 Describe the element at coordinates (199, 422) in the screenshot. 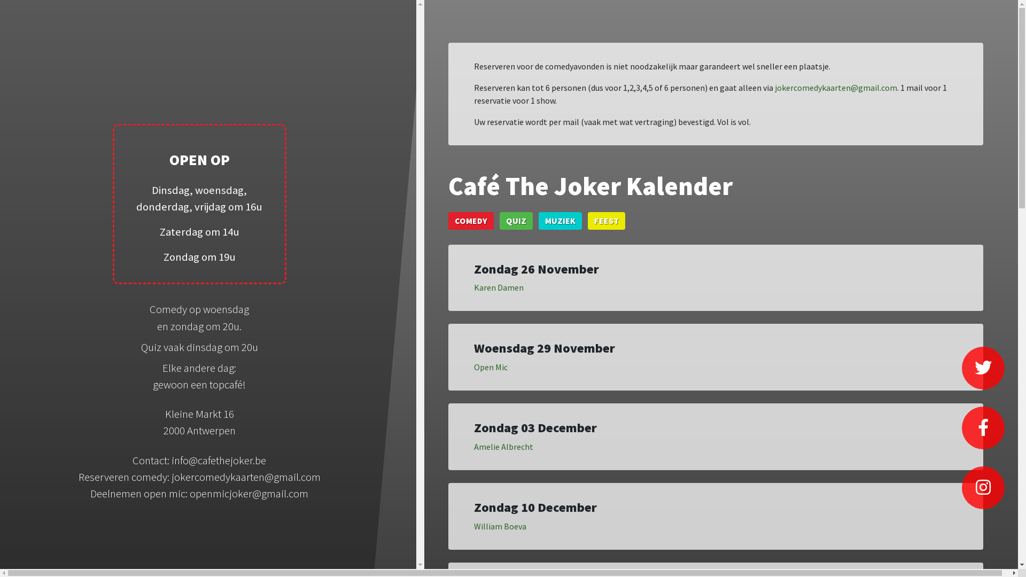

I see `'Kleine Markt 16` at that location.